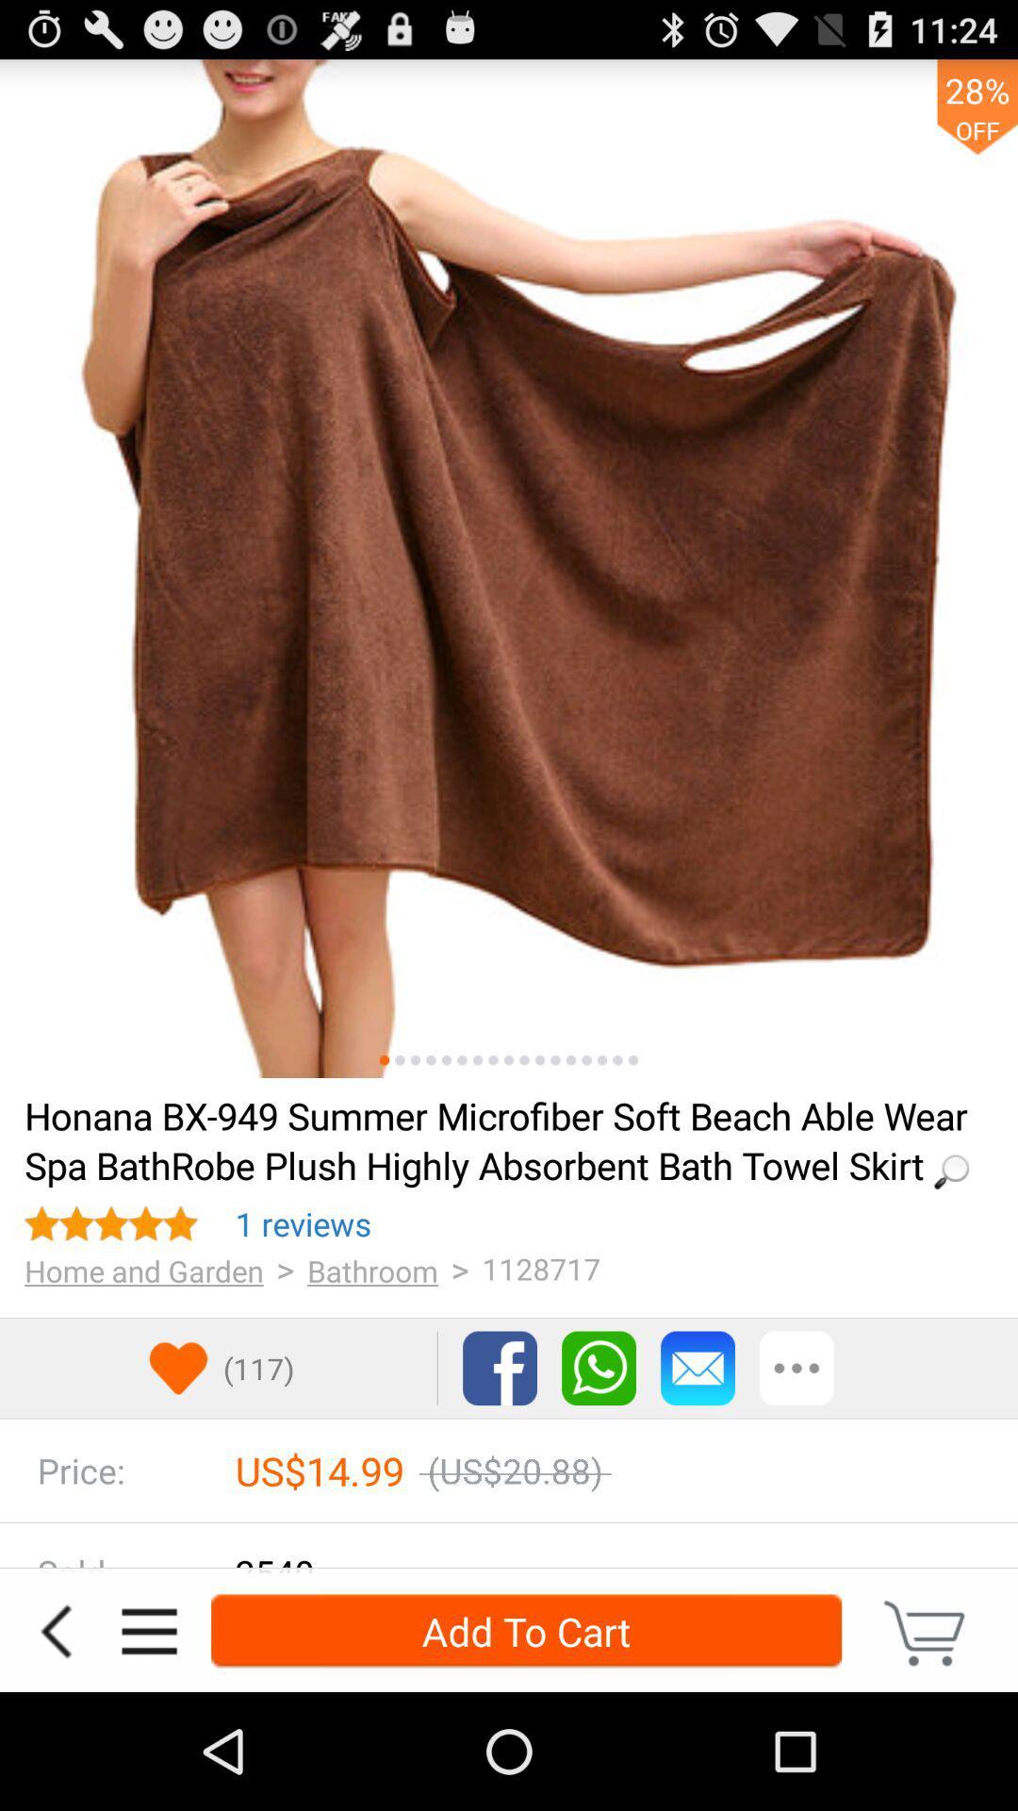  Describe the element at coordinates (569, 1060) in the screenshot. I see `shows more images` at that location.